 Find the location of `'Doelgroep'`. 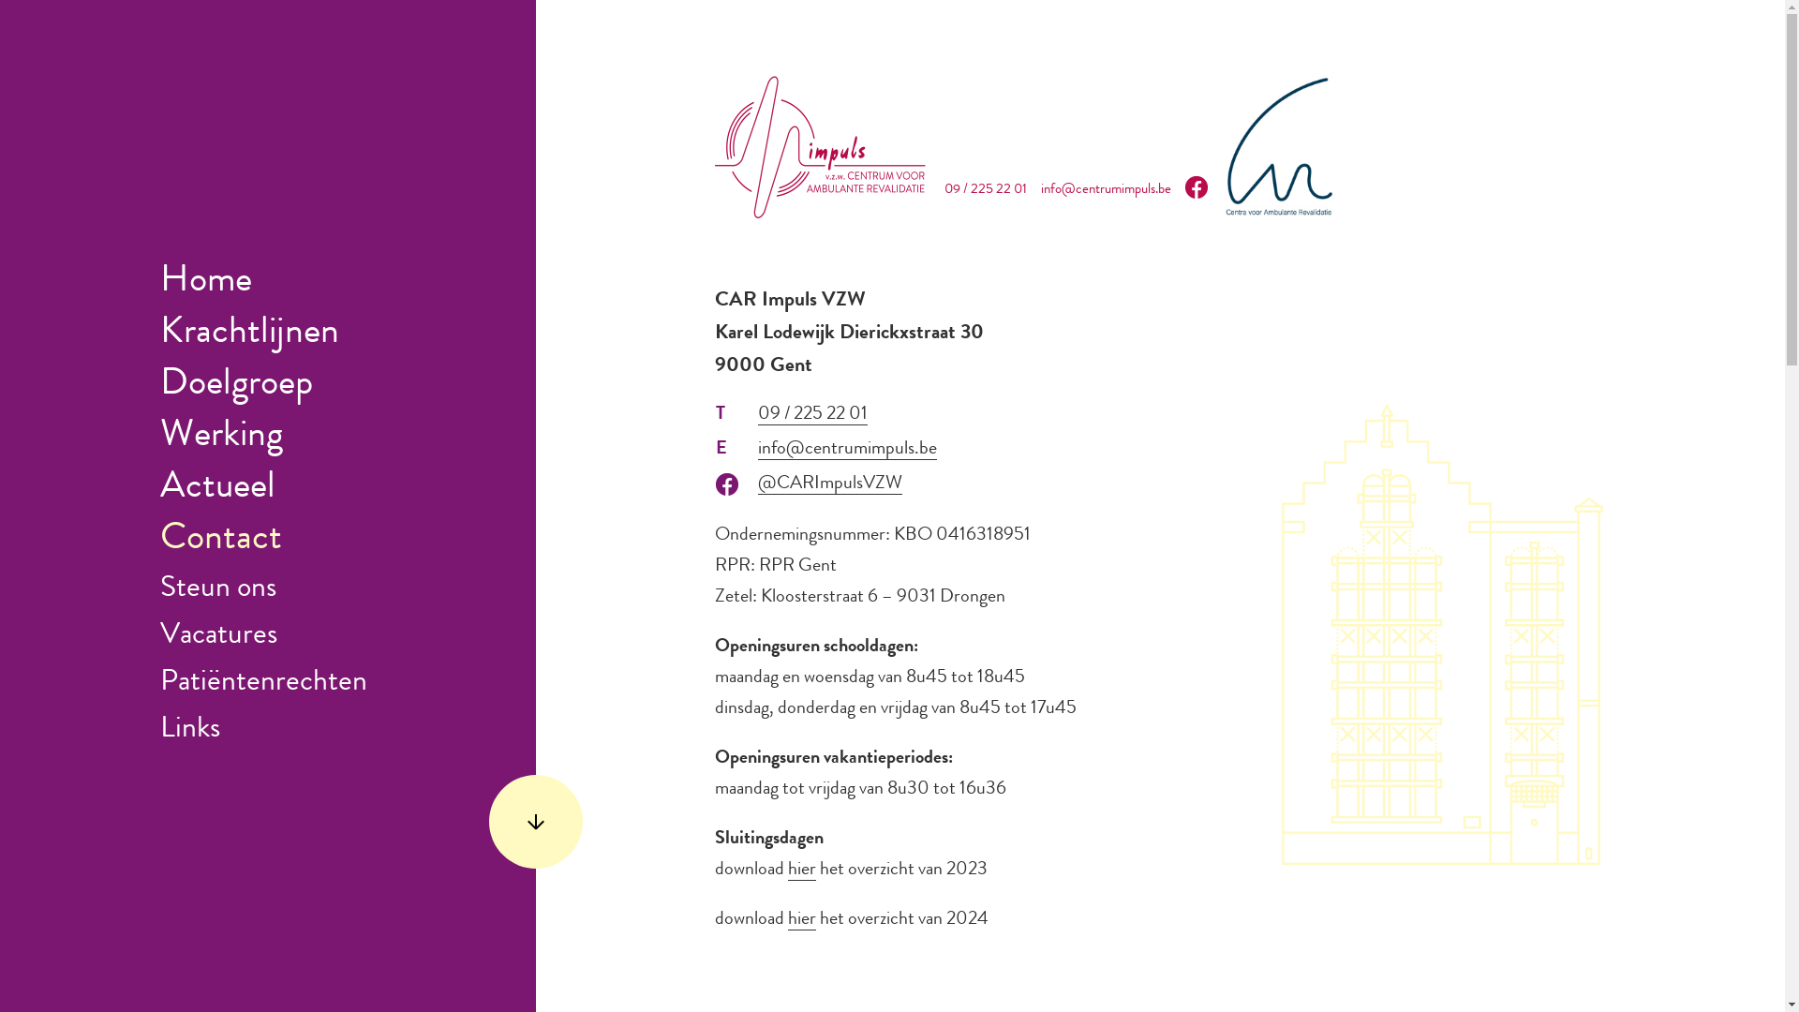

'Doelgroep' is located at coordinates (235, 385).